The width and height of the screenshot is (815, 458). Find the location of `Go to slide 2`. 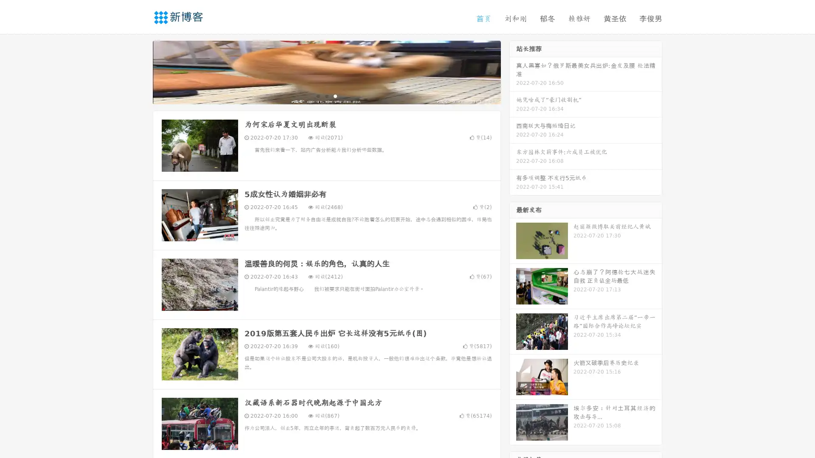

Go to slide 2 is located at coordinates (326, 95).